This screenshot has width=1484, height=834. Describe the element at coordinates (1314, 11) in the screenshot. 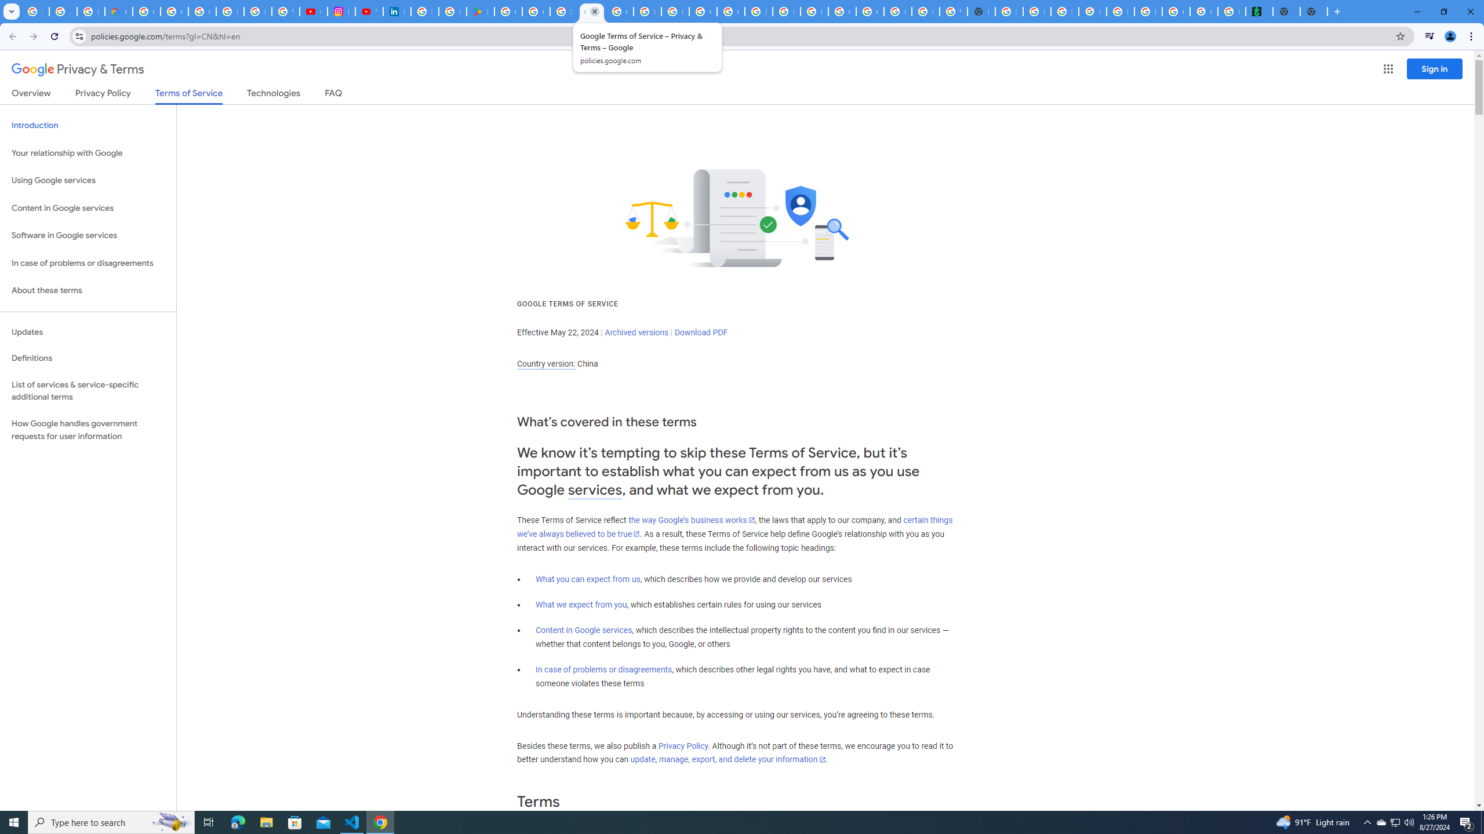

I see `'New Tab'` at that location.